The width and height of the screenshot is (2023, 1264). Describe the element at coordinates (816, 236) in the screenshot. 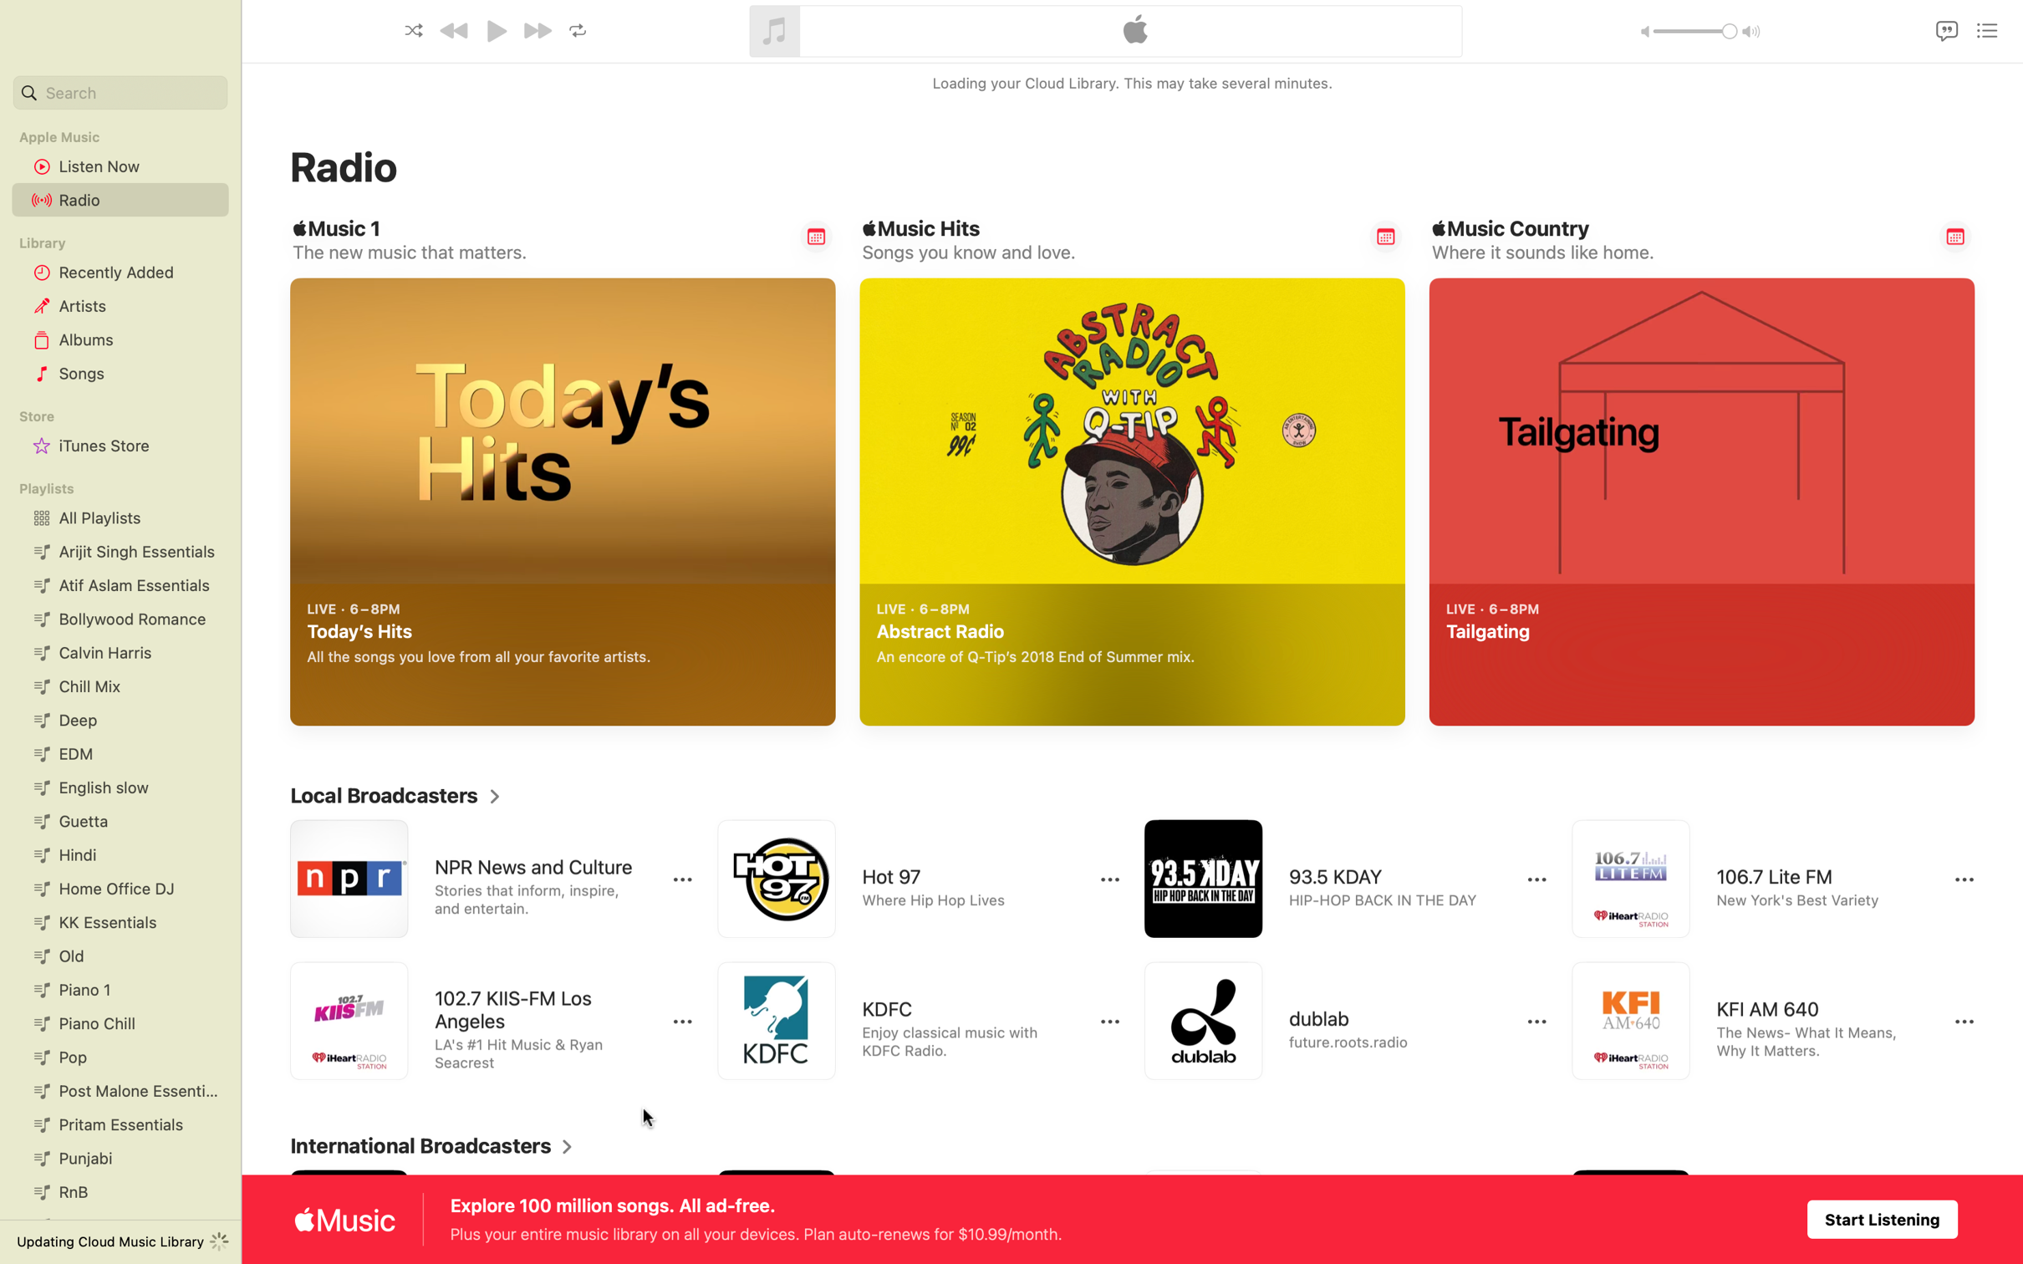

I see `an alert for the audio file labelled "Music 1` at that location.